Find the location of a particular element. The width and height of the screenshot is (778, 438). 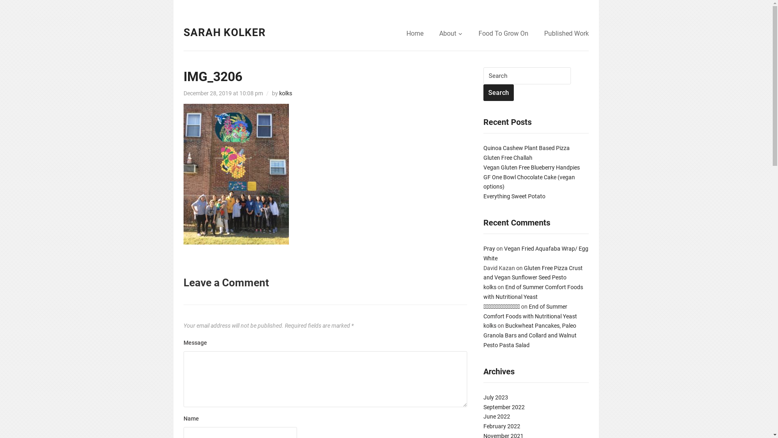

'Everything Sweet Potato' is located at coordinates (513, 196).